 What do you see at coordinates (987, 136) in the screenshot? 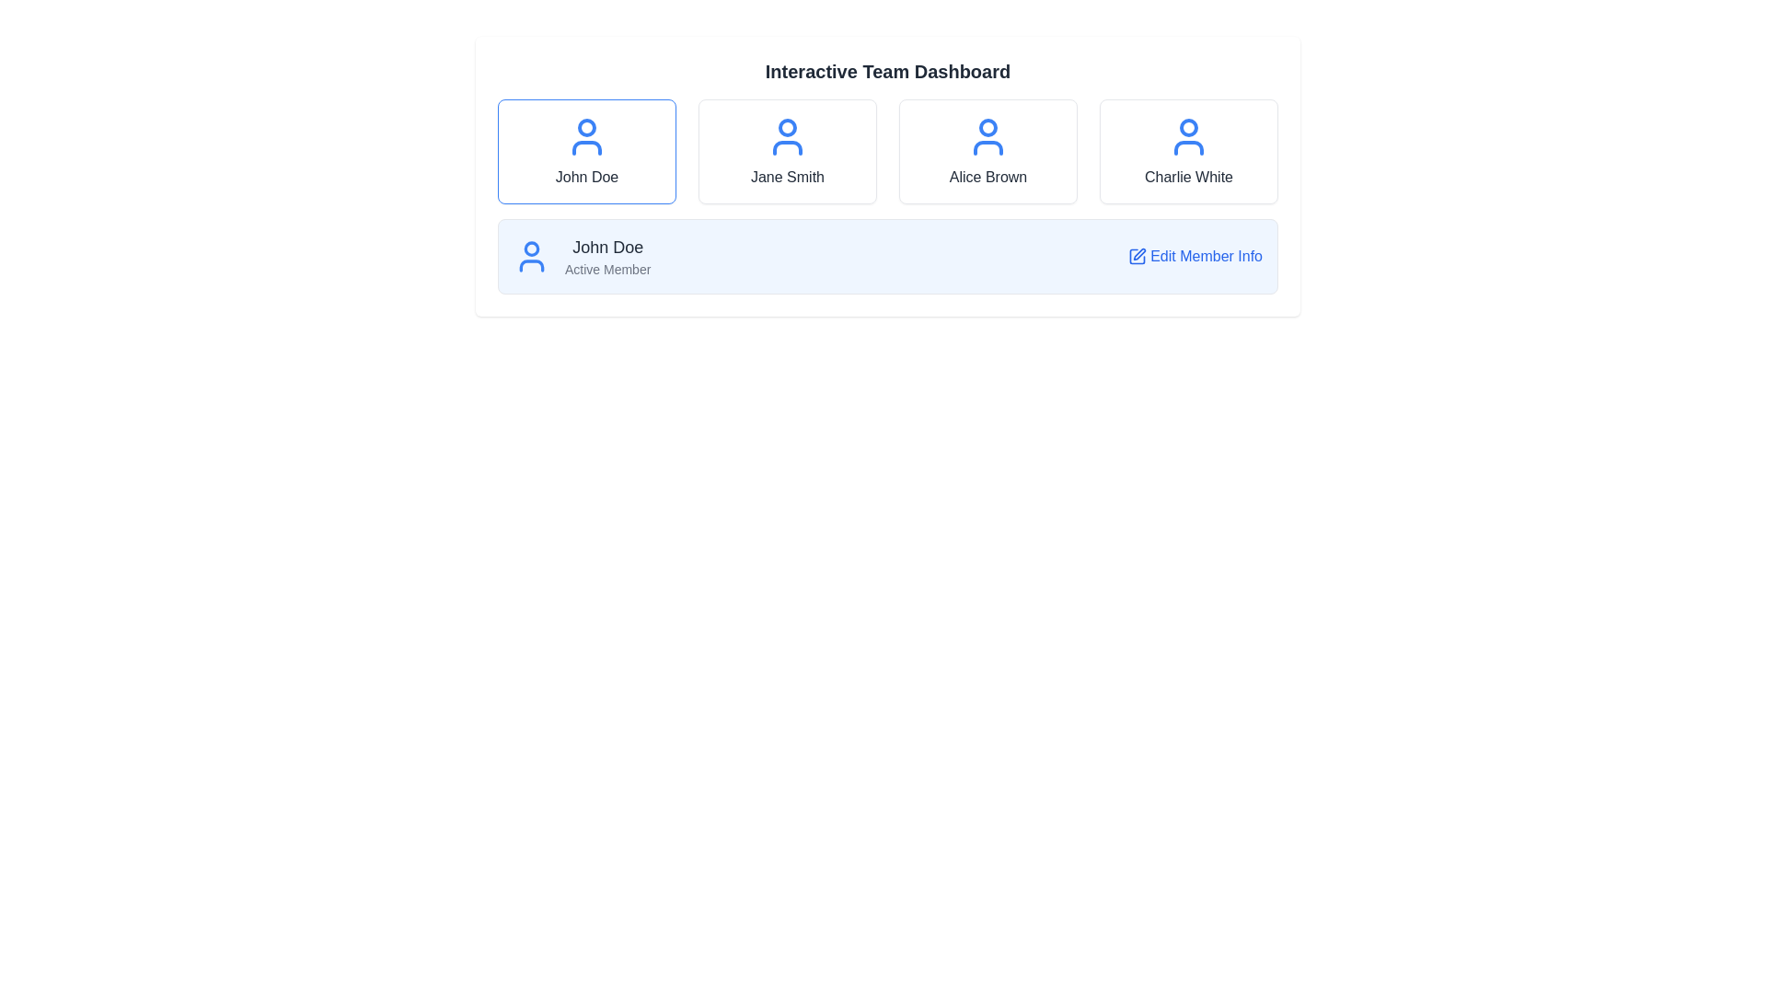
I see `the user icon representing 'Alice Brown'` at bounding box center [987, 136].